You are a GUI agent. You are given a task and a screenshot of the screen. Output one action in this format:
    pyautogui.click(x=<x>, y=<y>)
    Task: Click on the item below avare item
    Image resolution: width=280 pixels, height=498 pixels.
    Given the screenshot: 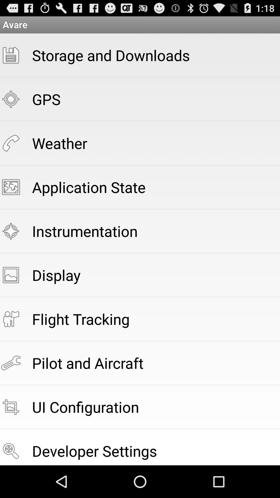 What is the action you would take?
    pyautogui.click(x=111, y=55)
    